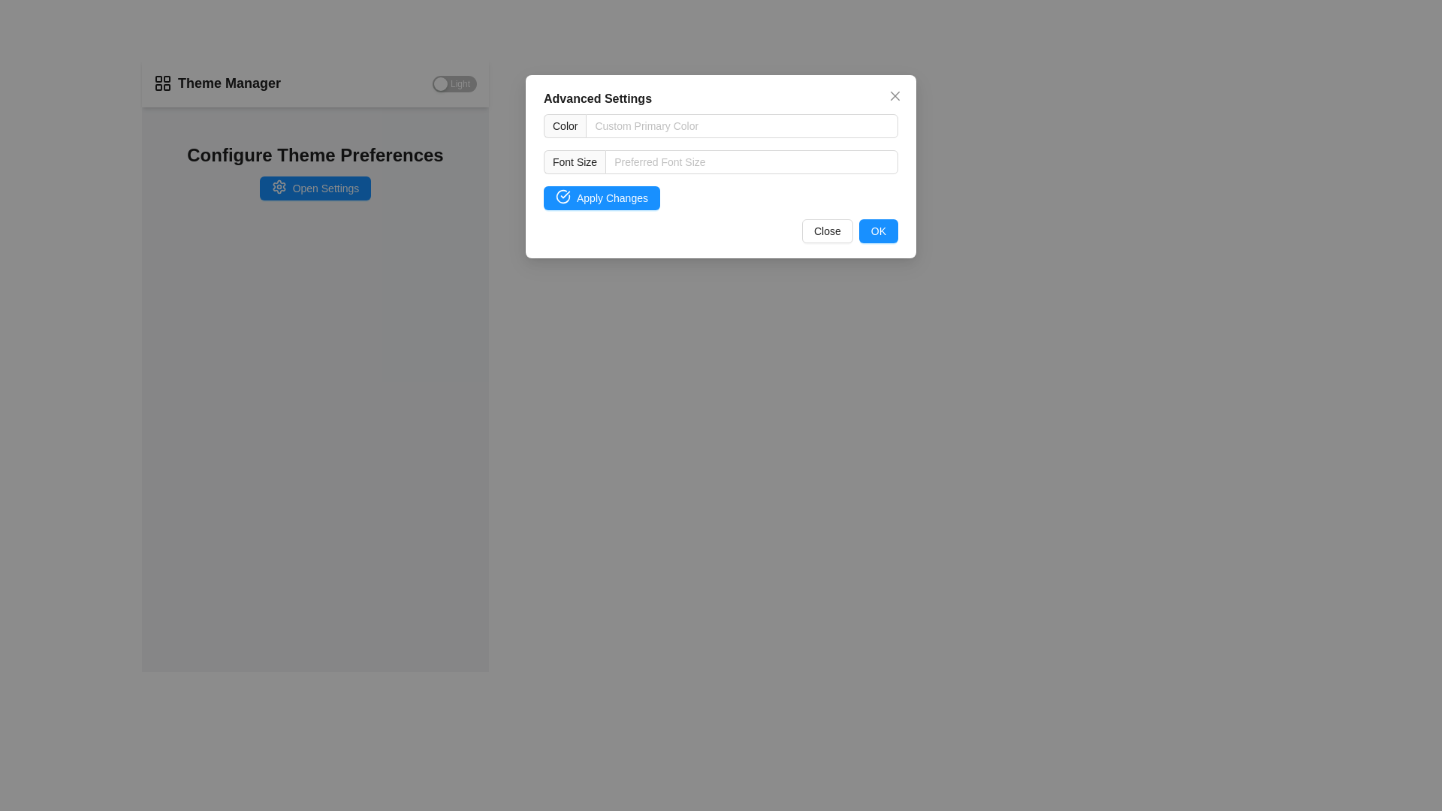 This screenshot has height=811, width=1442. I want to click on the settings icon located within the 'Open Settings' button, which is centrally positioned beneath the 'Configure Theme Preferences' heading, so click(279, 185).